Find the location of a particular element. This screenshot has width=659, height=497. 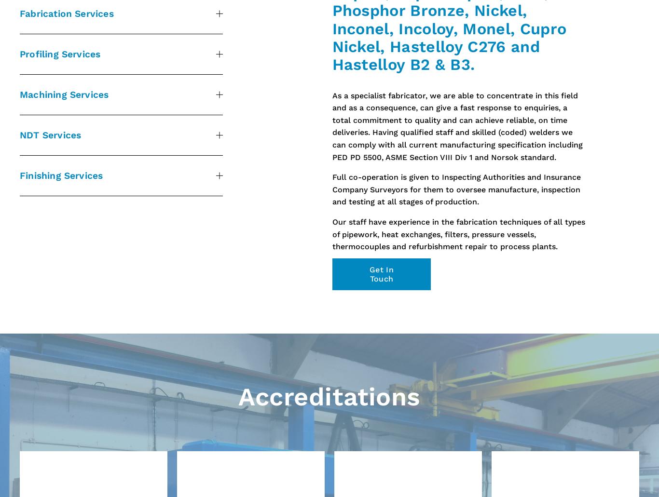

'Profiling Services' is located at coordinates (19, 53).